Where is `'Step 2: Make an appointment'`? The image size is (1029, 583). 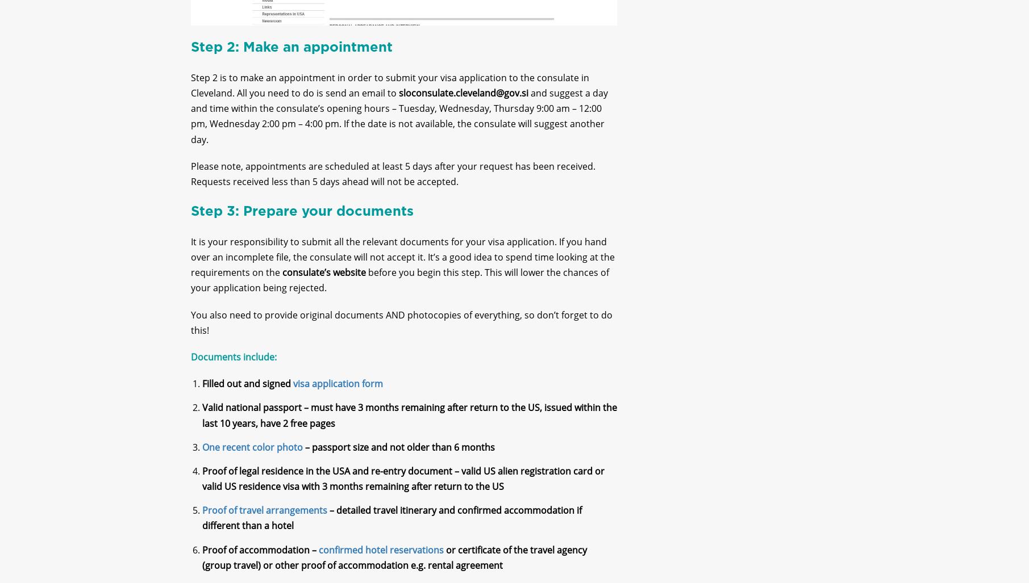
'Step 2: Make an appointment' is located at coordinates (290, 56).